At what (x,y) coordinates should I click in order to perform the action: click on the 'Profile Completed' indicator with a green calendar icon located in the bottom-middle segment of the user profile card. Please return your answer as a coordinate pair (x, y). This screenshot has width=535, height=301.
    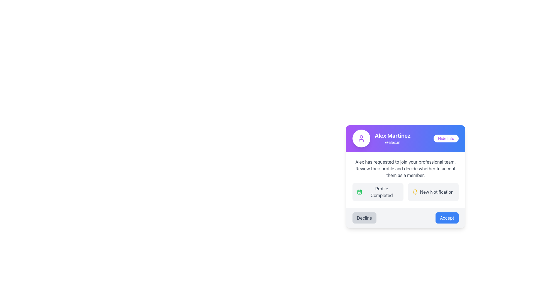
    Looking at the image, I should click on (378, 192).